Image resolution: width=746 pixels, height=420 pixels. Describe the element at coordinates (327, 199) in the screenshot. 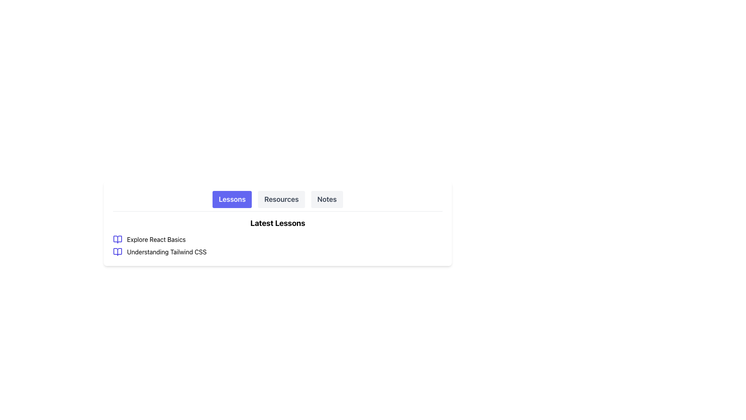

I see `the 'Notes' tab, which is the third tab in a horizontal row of three tabs at the top of the interface, positioned to the right of the 'Resources' tab` at that location.